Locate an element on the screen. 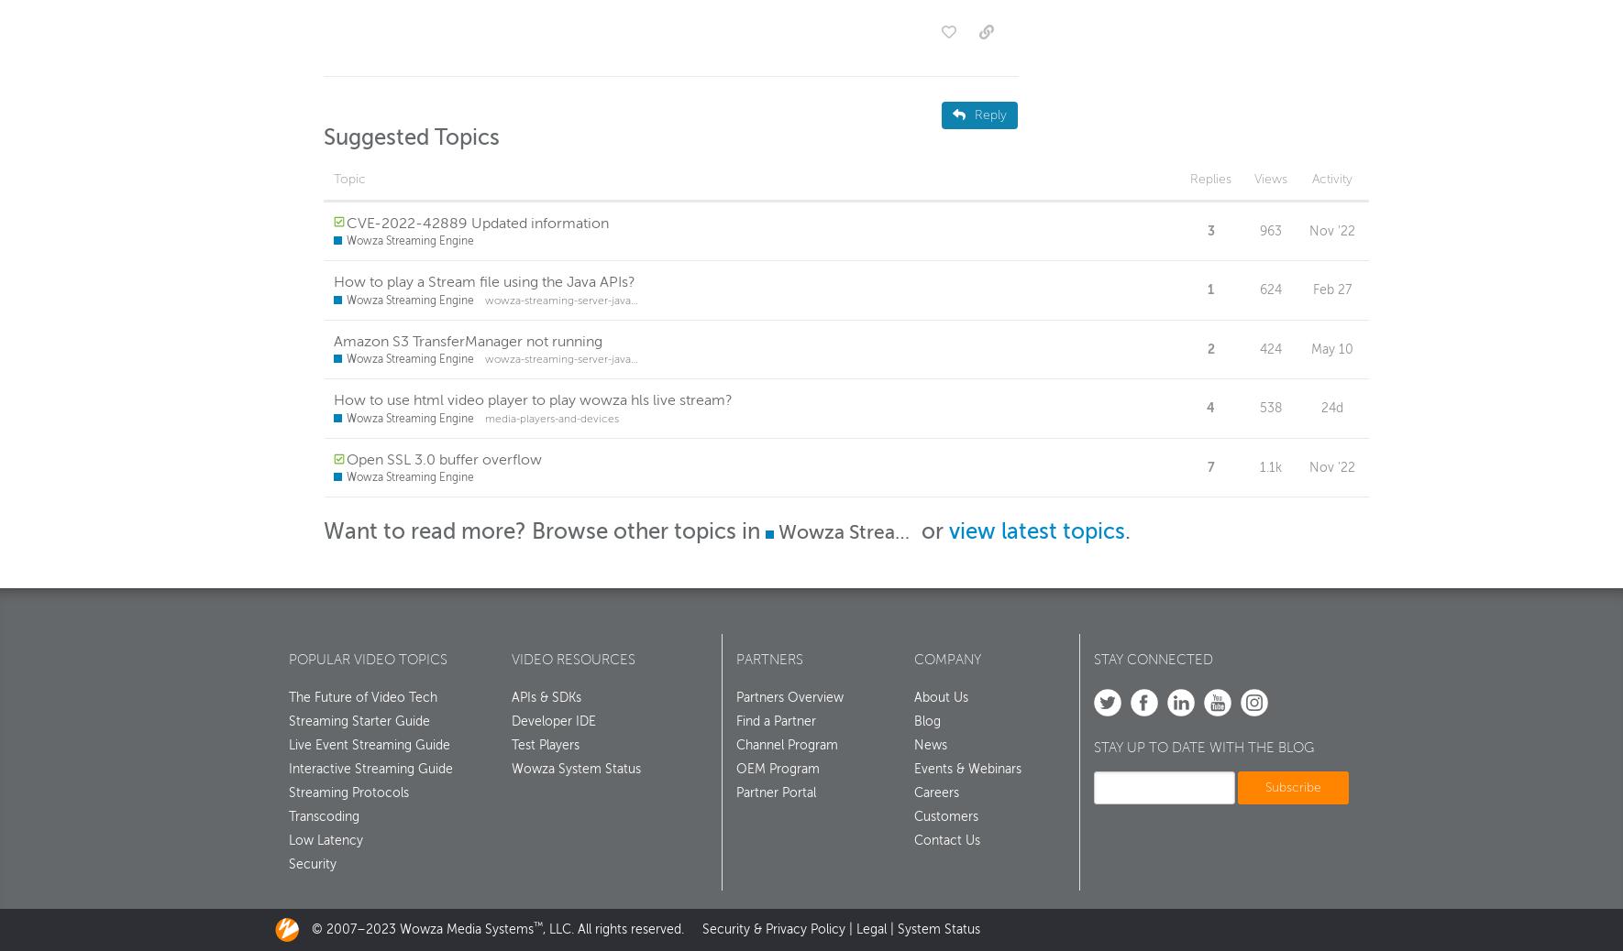  'Careers' is located at coordinates (935, 797).